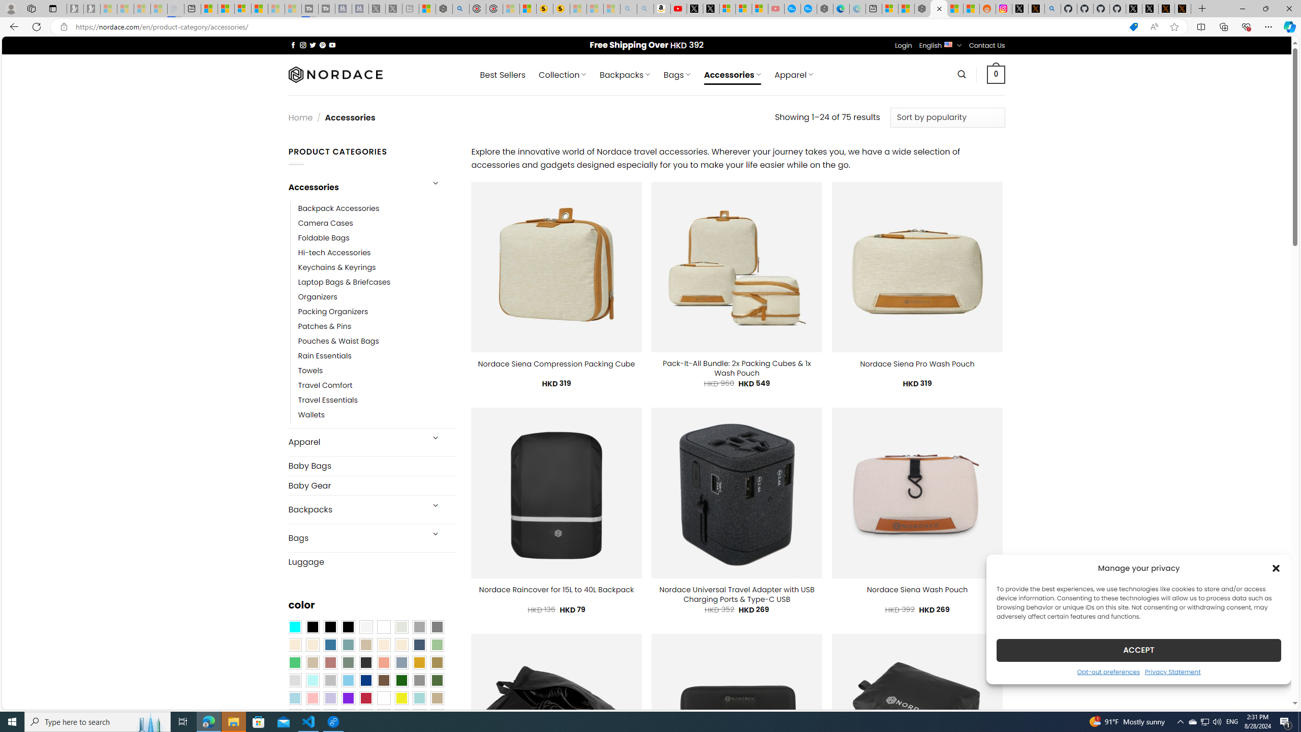 The width and height of the screenshot is (1301, 732). What do you see at coordinates (996, 74) in the screenshot?
I see `' 0 '` at bounding box center [996, 74].